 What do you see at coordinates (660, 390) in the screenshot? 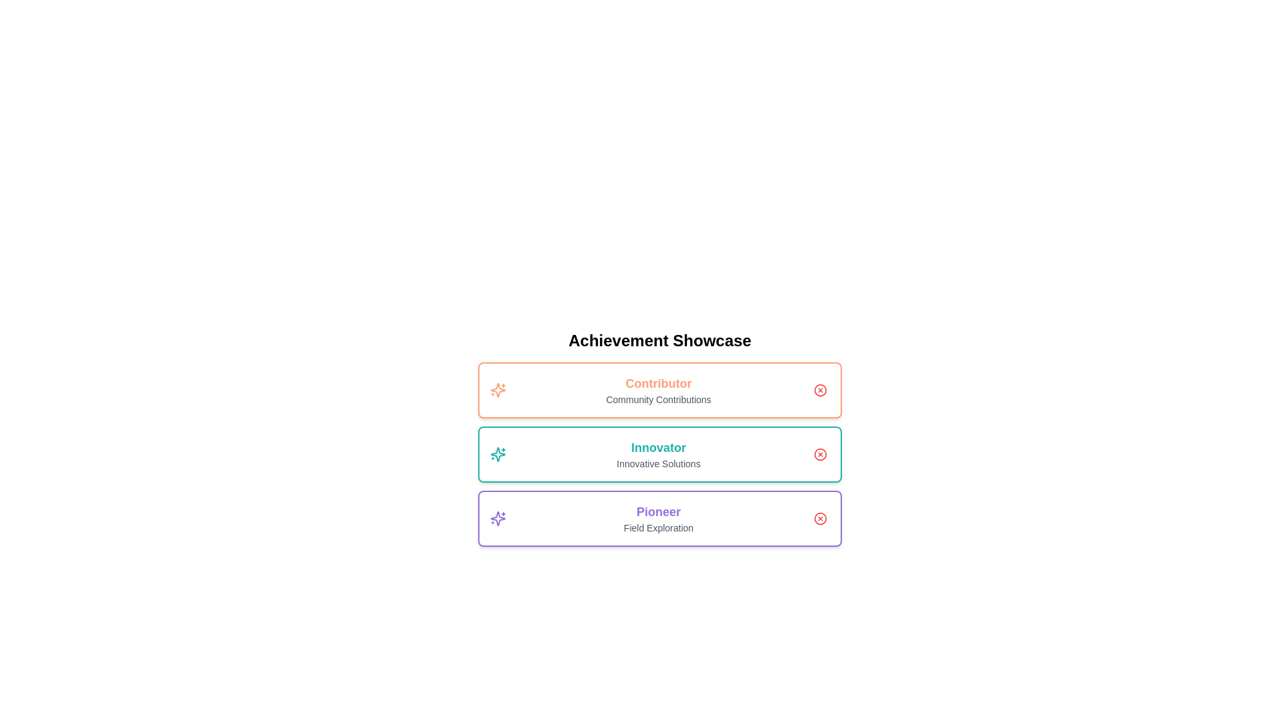
I see `the achievement titled Contributor to inspect its details` at bounding box center [660, 390].